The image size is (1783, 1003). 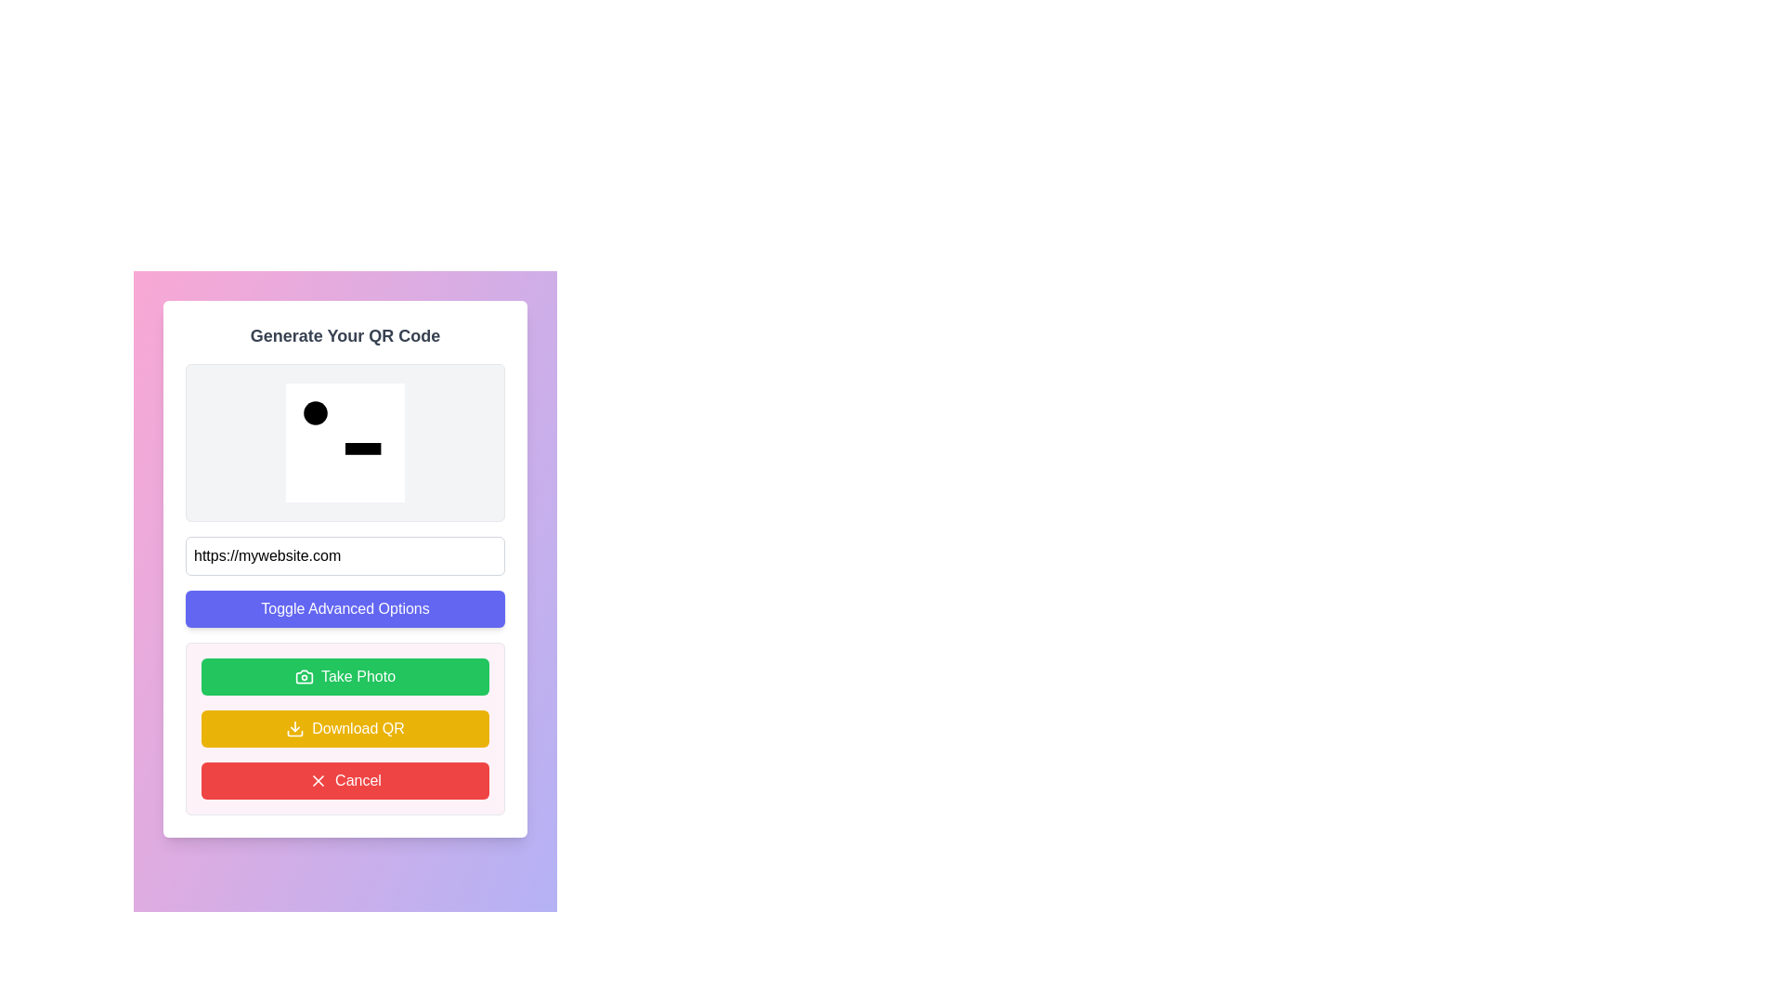 What do you see at coordinates (319, 780) in the screenshot?
I see `the icon that enhances the clarity of the 'Cancel' button, located in the center-left region of the button` at bounding box center [319, 780].